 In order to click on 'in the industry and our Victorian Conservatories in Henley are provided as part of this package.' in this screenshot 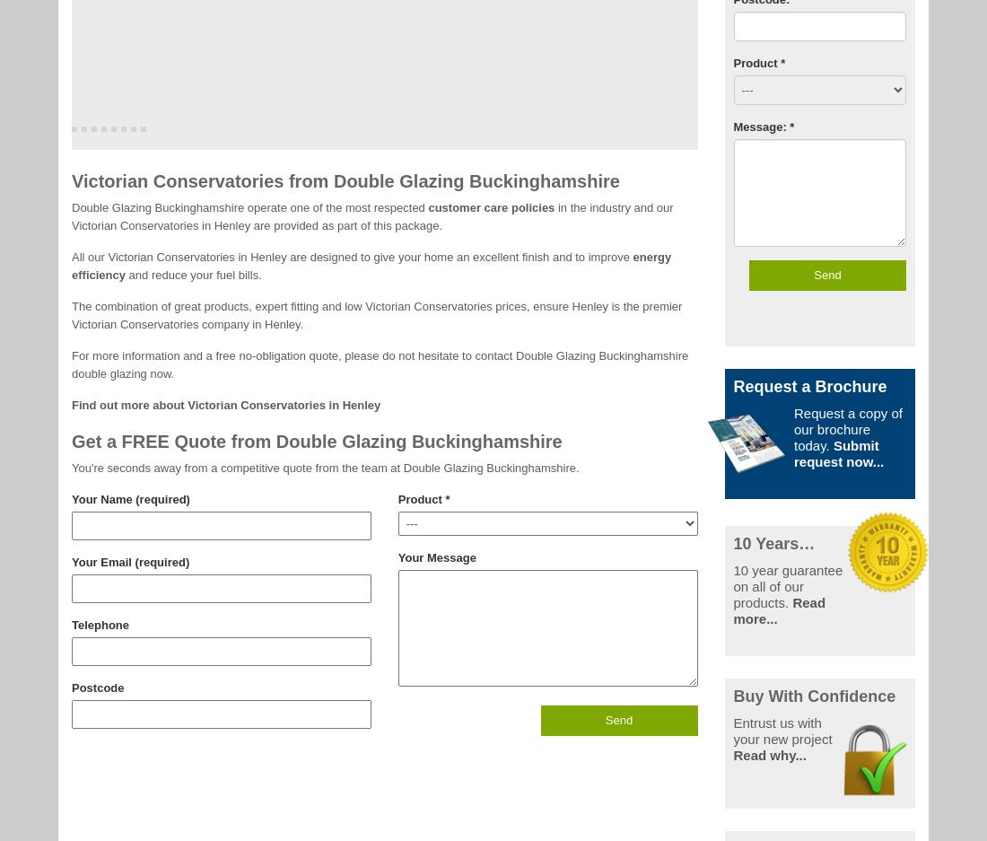, I will do `click(371, 215)`.